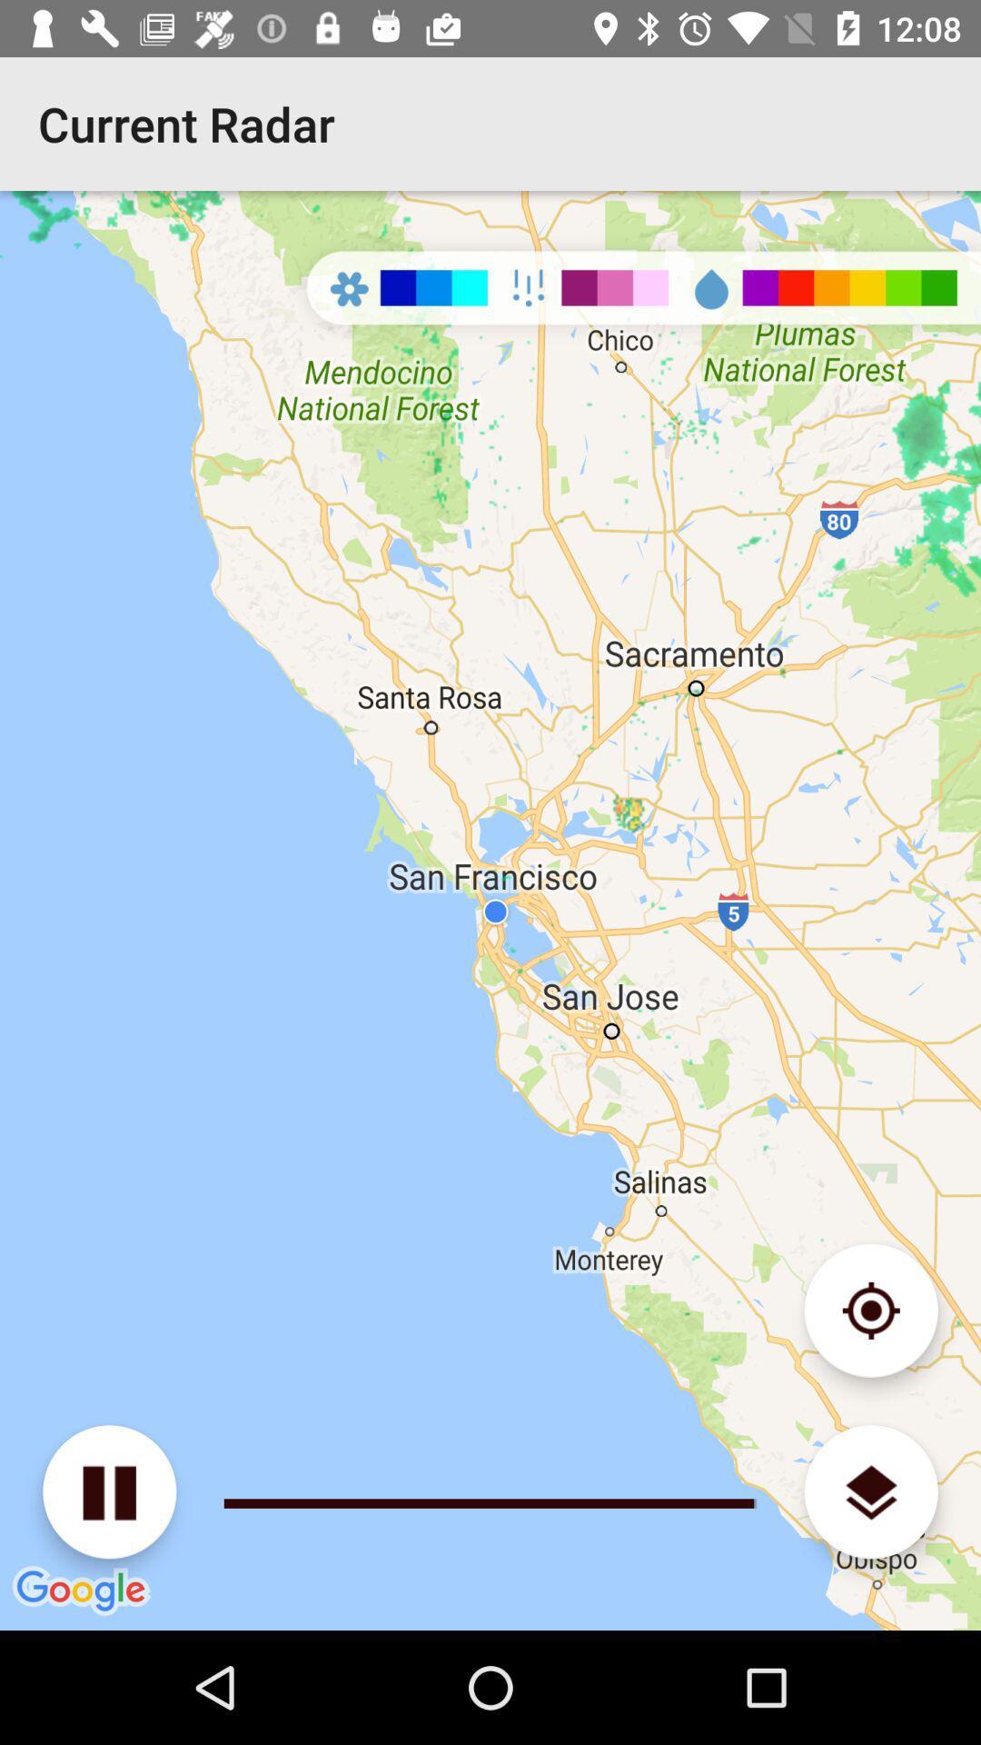  What do you see at coordinates (490, 911) in the screenshot?
I see `icon below the current radar` at bounding box center [490, 911].